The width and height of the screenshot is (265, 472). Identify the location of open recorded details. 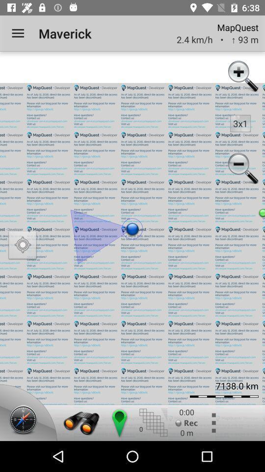
(186, 422).